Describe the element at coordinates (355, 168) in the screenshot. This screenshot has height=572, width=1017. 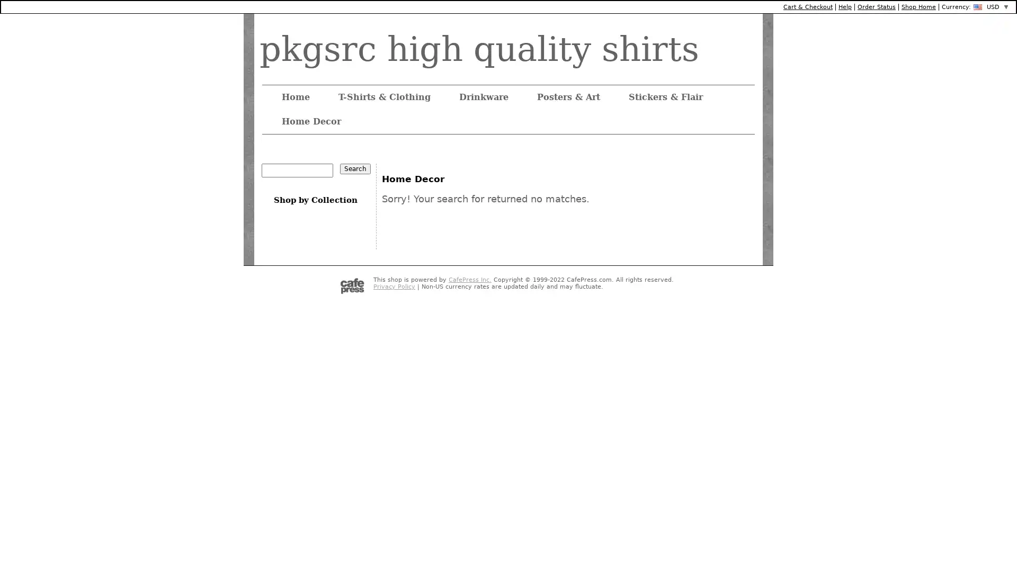
I see `Search` at that location.